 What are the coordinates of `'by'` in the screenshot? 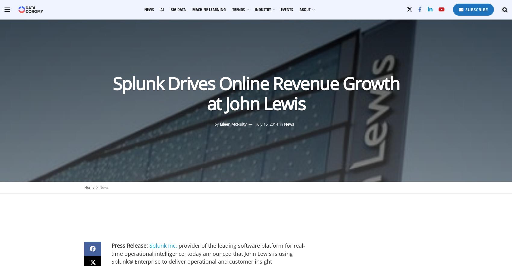 It's located at (216, 124).